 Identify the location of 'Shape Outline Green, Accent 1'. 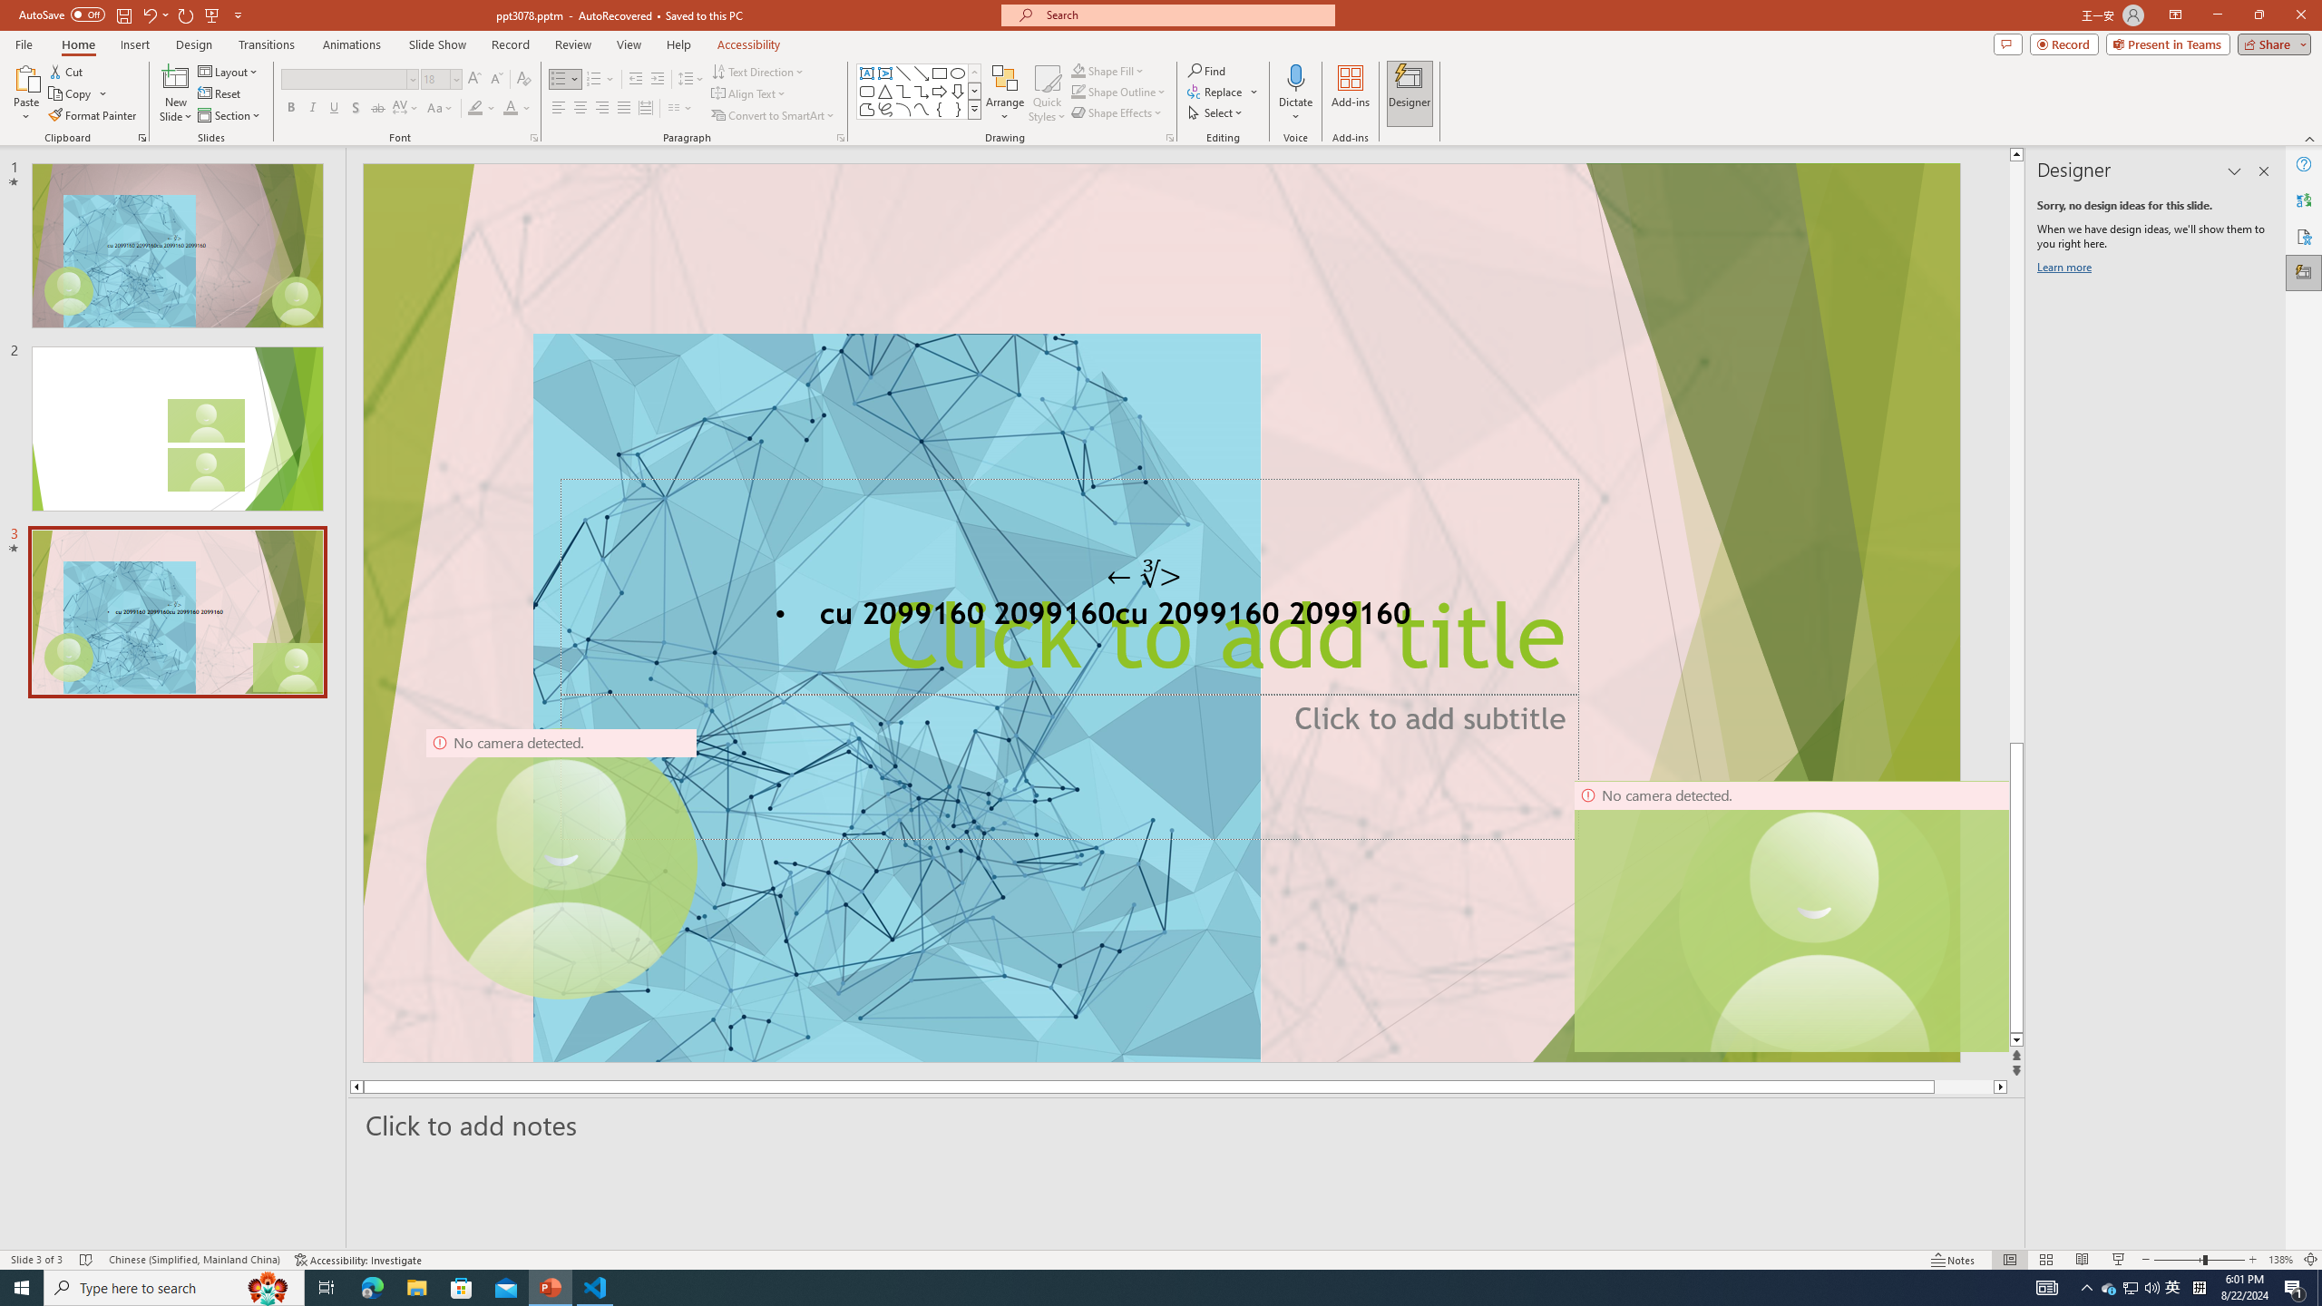
(1078, 90).